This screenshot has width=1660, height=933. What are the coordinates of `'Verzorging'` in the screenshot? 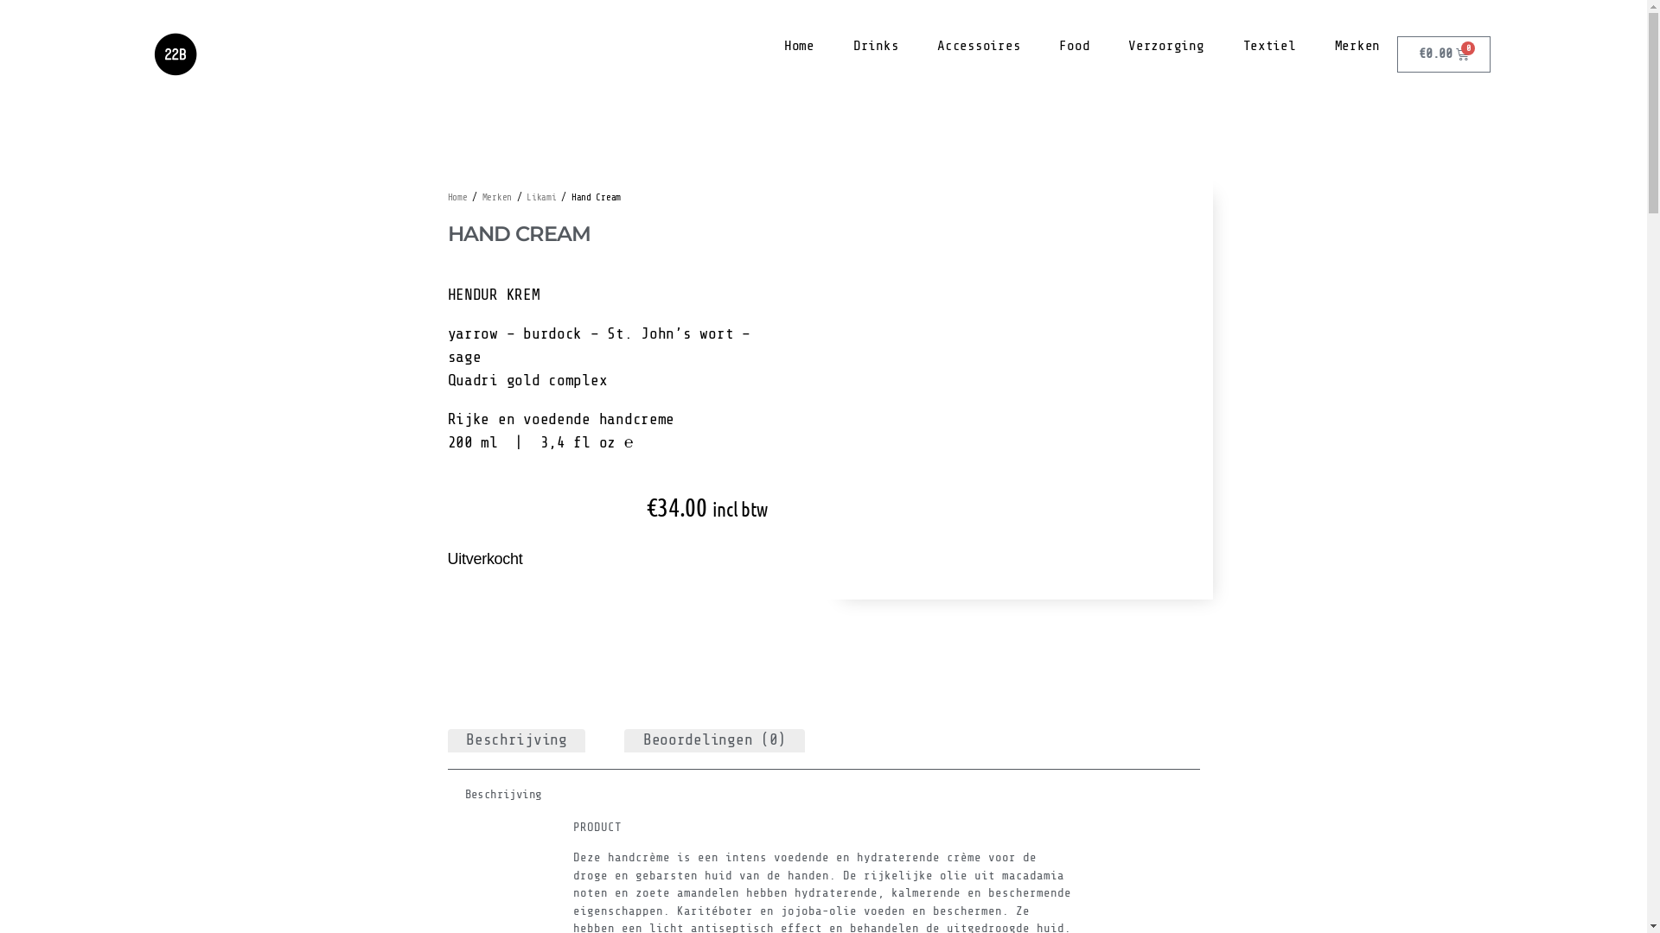 It's located at (1165, 45).